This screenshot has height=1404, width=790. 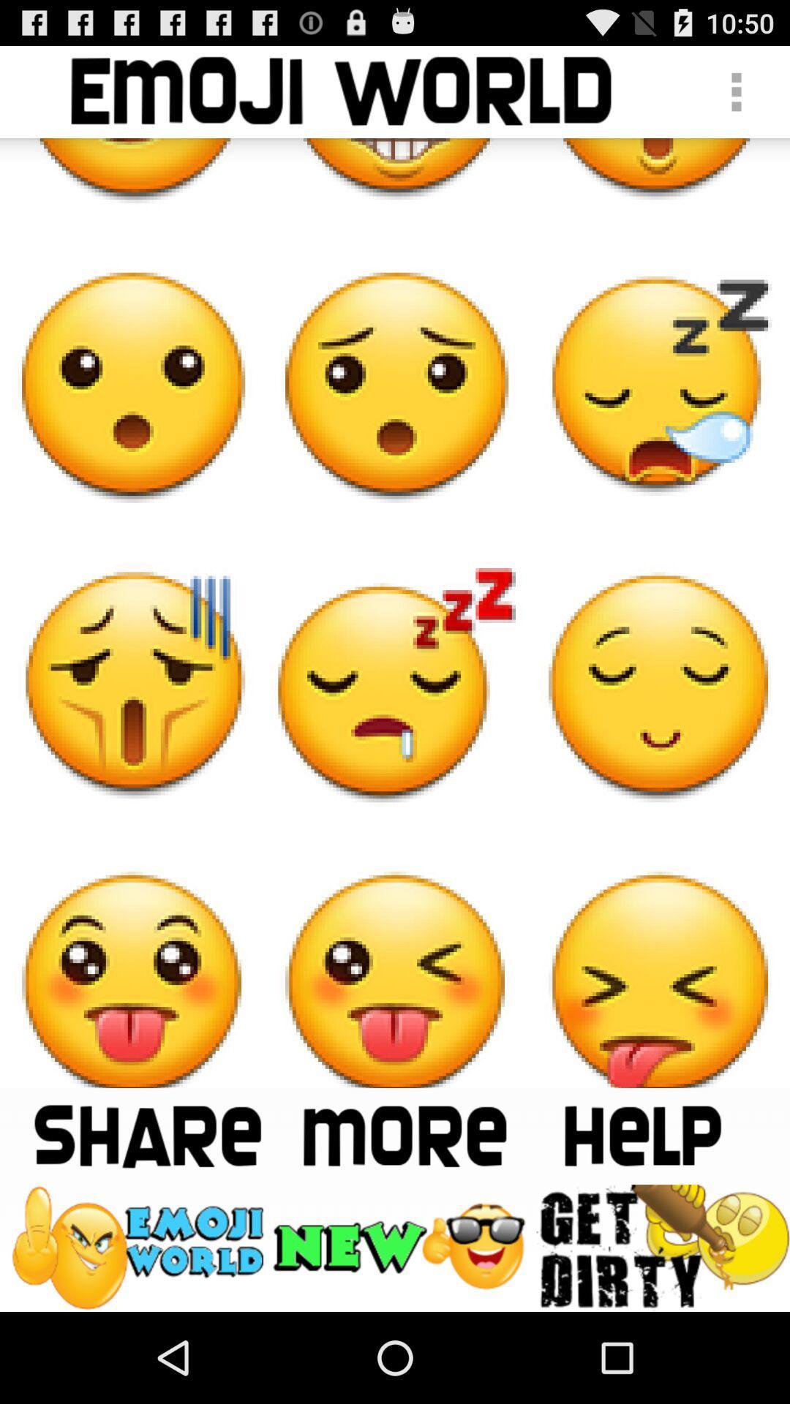 I want to click on insert get dirty beer drinking emoji, so click(x=663, y=1247).